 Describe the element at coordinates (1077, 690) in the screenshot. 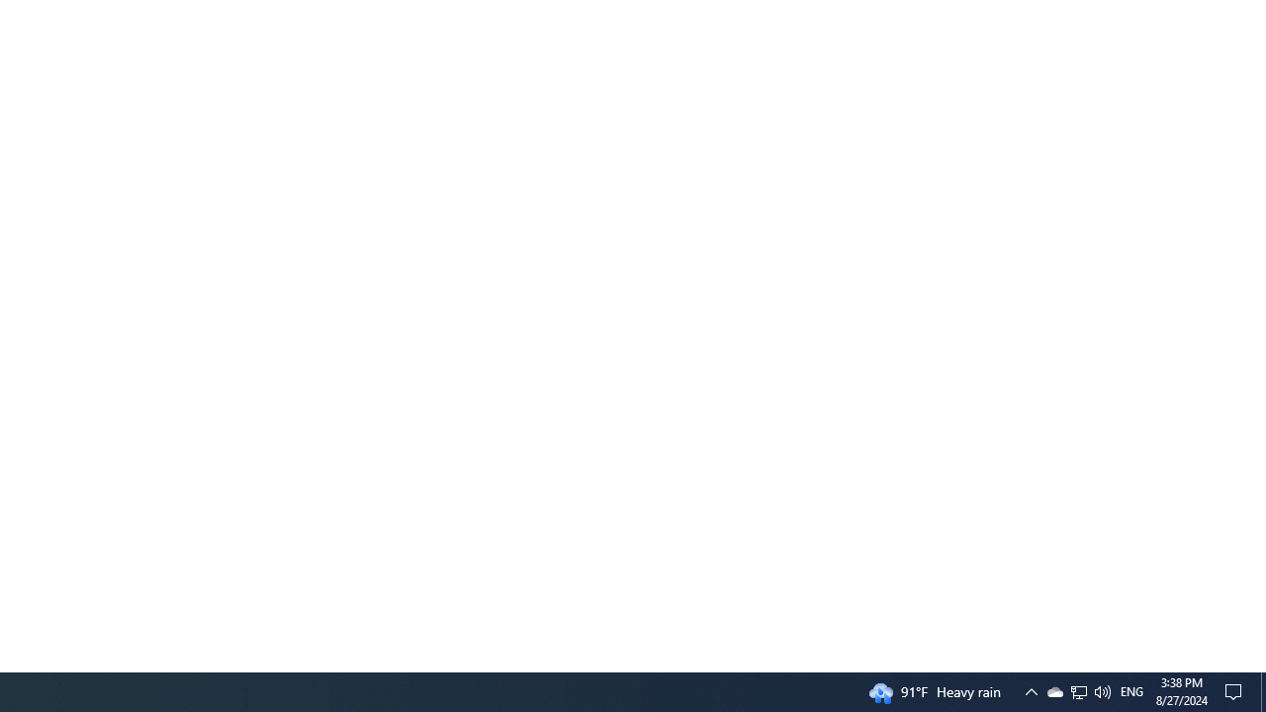

I see `'Q2790: 100%'` at that location.